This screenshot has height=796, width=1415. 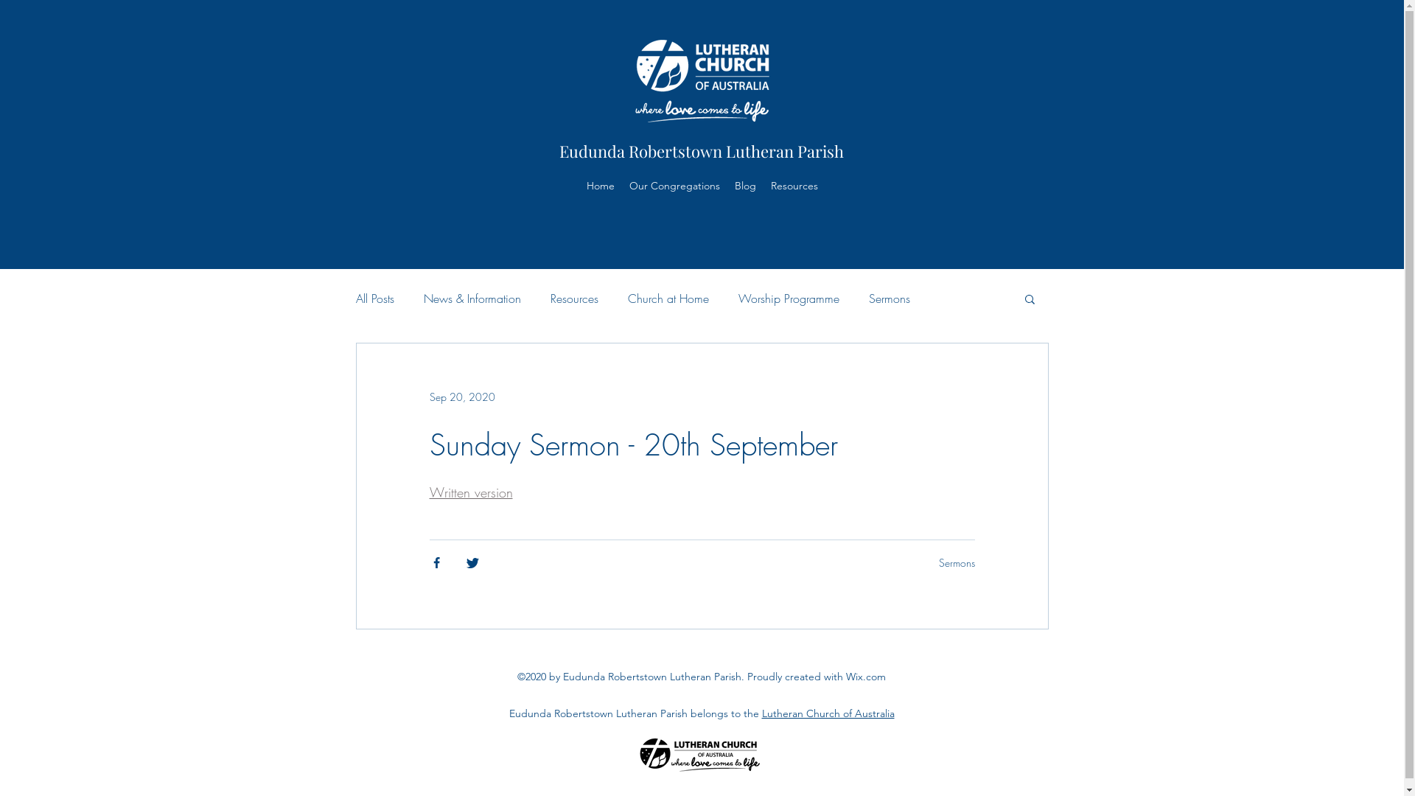 I want to click on 'Worship Programme', so click(x=788, y=298).